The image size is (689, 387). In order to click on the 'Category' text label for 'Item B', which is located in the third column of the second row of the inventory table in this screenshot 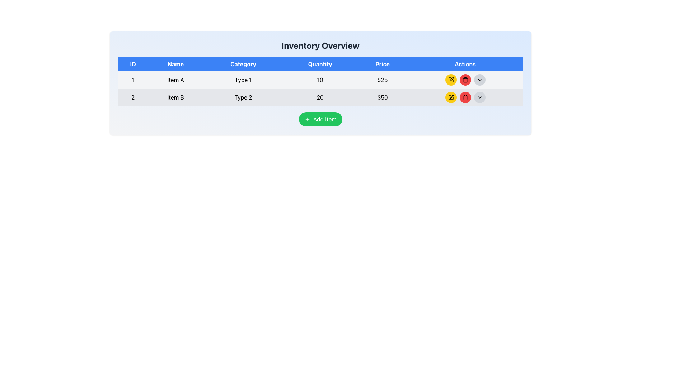, I will do `click(243, 97)`.